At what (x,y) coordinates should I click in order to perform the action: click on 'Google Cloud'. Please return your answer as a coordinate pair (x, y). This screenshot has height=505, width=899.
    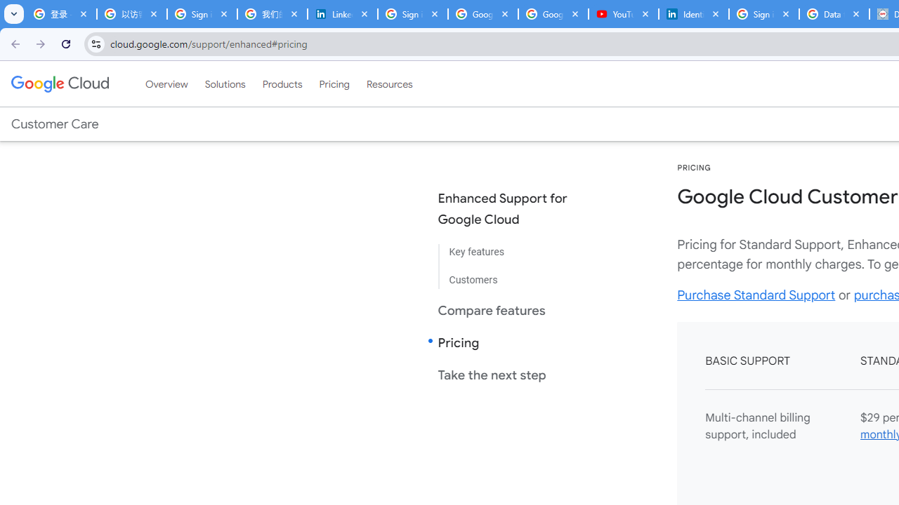
    Looking at the image, I should click on (59, 83).